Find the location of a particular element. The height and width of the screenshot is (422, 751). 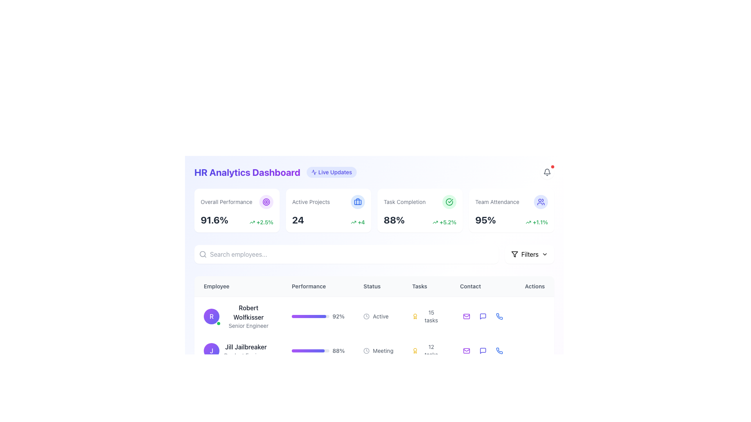

details of the text segment displaying '+2.5%' in a green font, which is accompanied by an upward pointing arrow icon, located within the 'Overall Performance' performance card is located at coordinates (261, 222).